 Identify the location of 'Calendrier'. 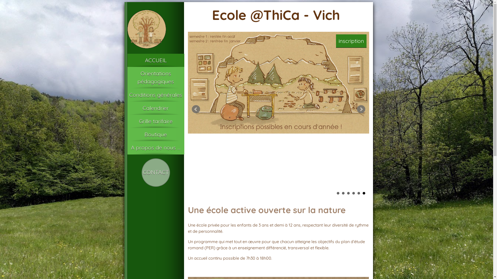
(127, 108).